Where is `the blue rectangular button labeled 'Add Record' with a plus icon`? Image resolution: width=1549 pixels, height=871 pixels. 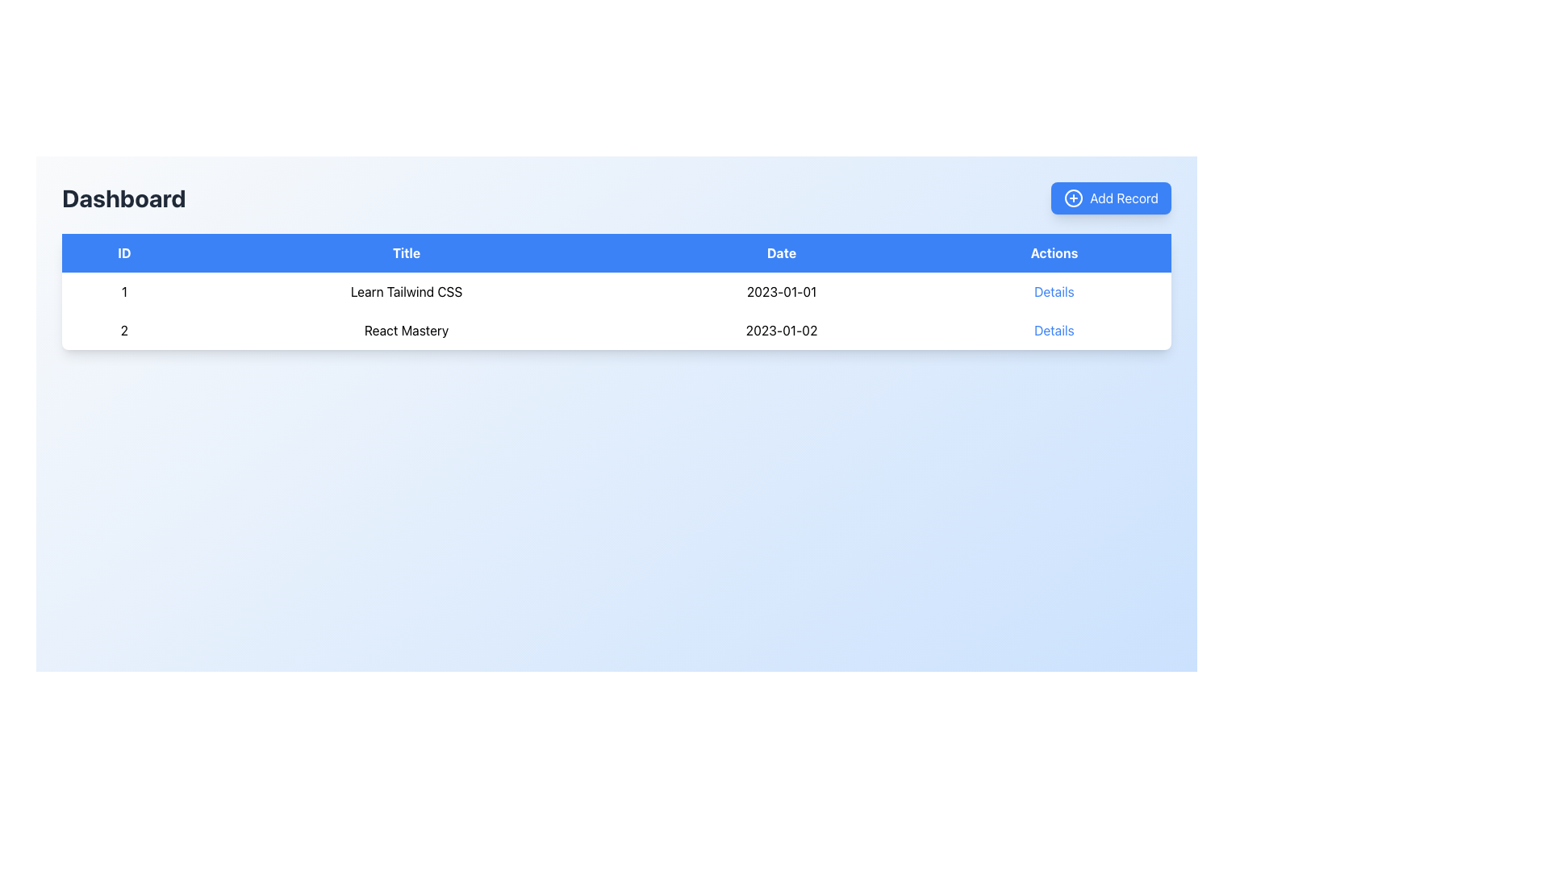
the blue rectangular button labeled 'Add Record' with a plus icon is located at coordinates (1110, 198).